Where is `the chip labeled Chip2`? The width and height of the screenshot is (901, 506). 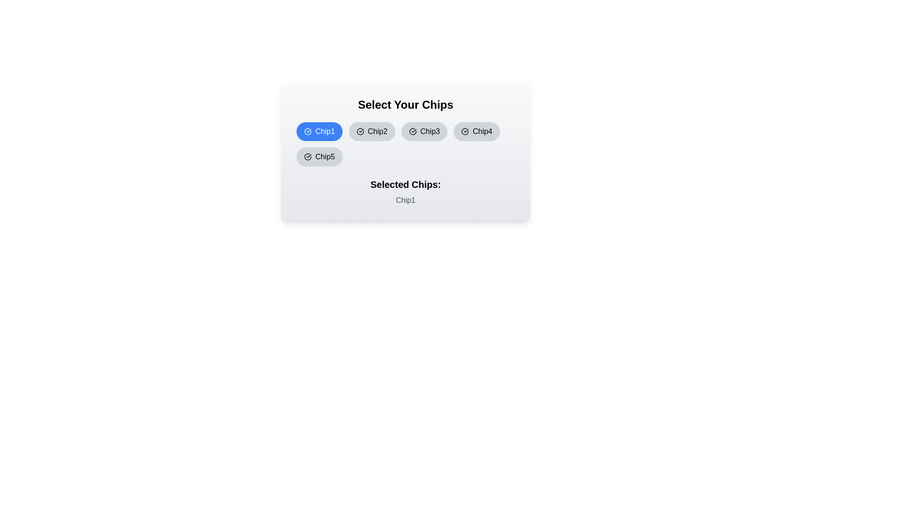
the chip labeled Chip2 is located at coordinates (371, 132).